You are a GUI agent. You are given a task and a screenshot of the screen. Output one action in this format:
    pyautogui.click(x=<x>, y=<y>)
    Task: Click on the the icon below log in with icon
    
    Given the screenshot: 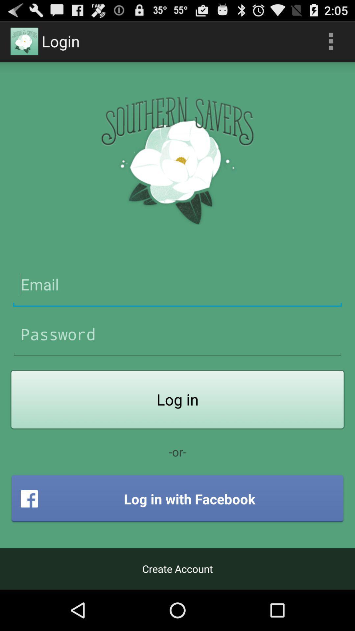 What is the action you would take?
    pyautogui.click(x=177, y=569)
    